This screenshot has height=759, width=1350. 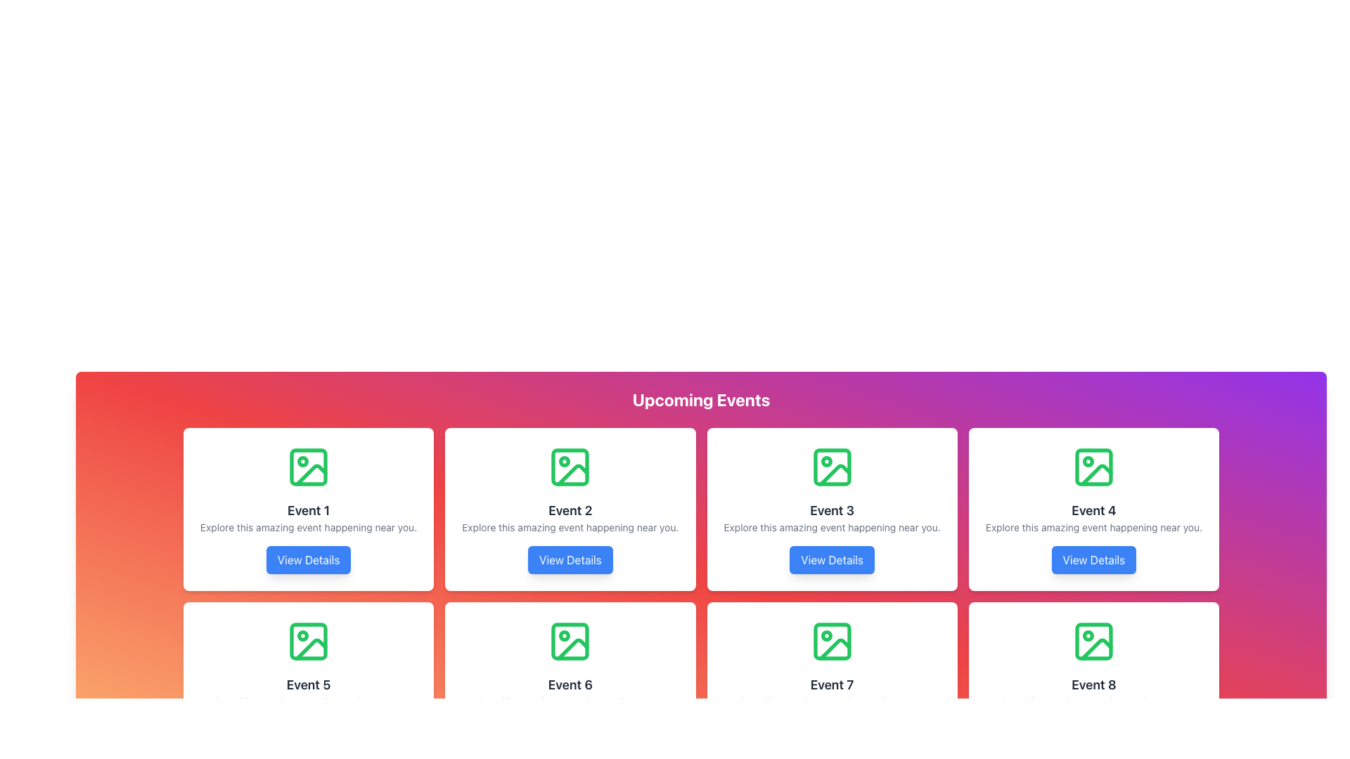 What do you see at coordinates (832, 528) in the screenshot?
I see `the descriptive text element located below the 'Event 3' title and above the 'View Details' button in the third event card` at bounding box center [832, 528].